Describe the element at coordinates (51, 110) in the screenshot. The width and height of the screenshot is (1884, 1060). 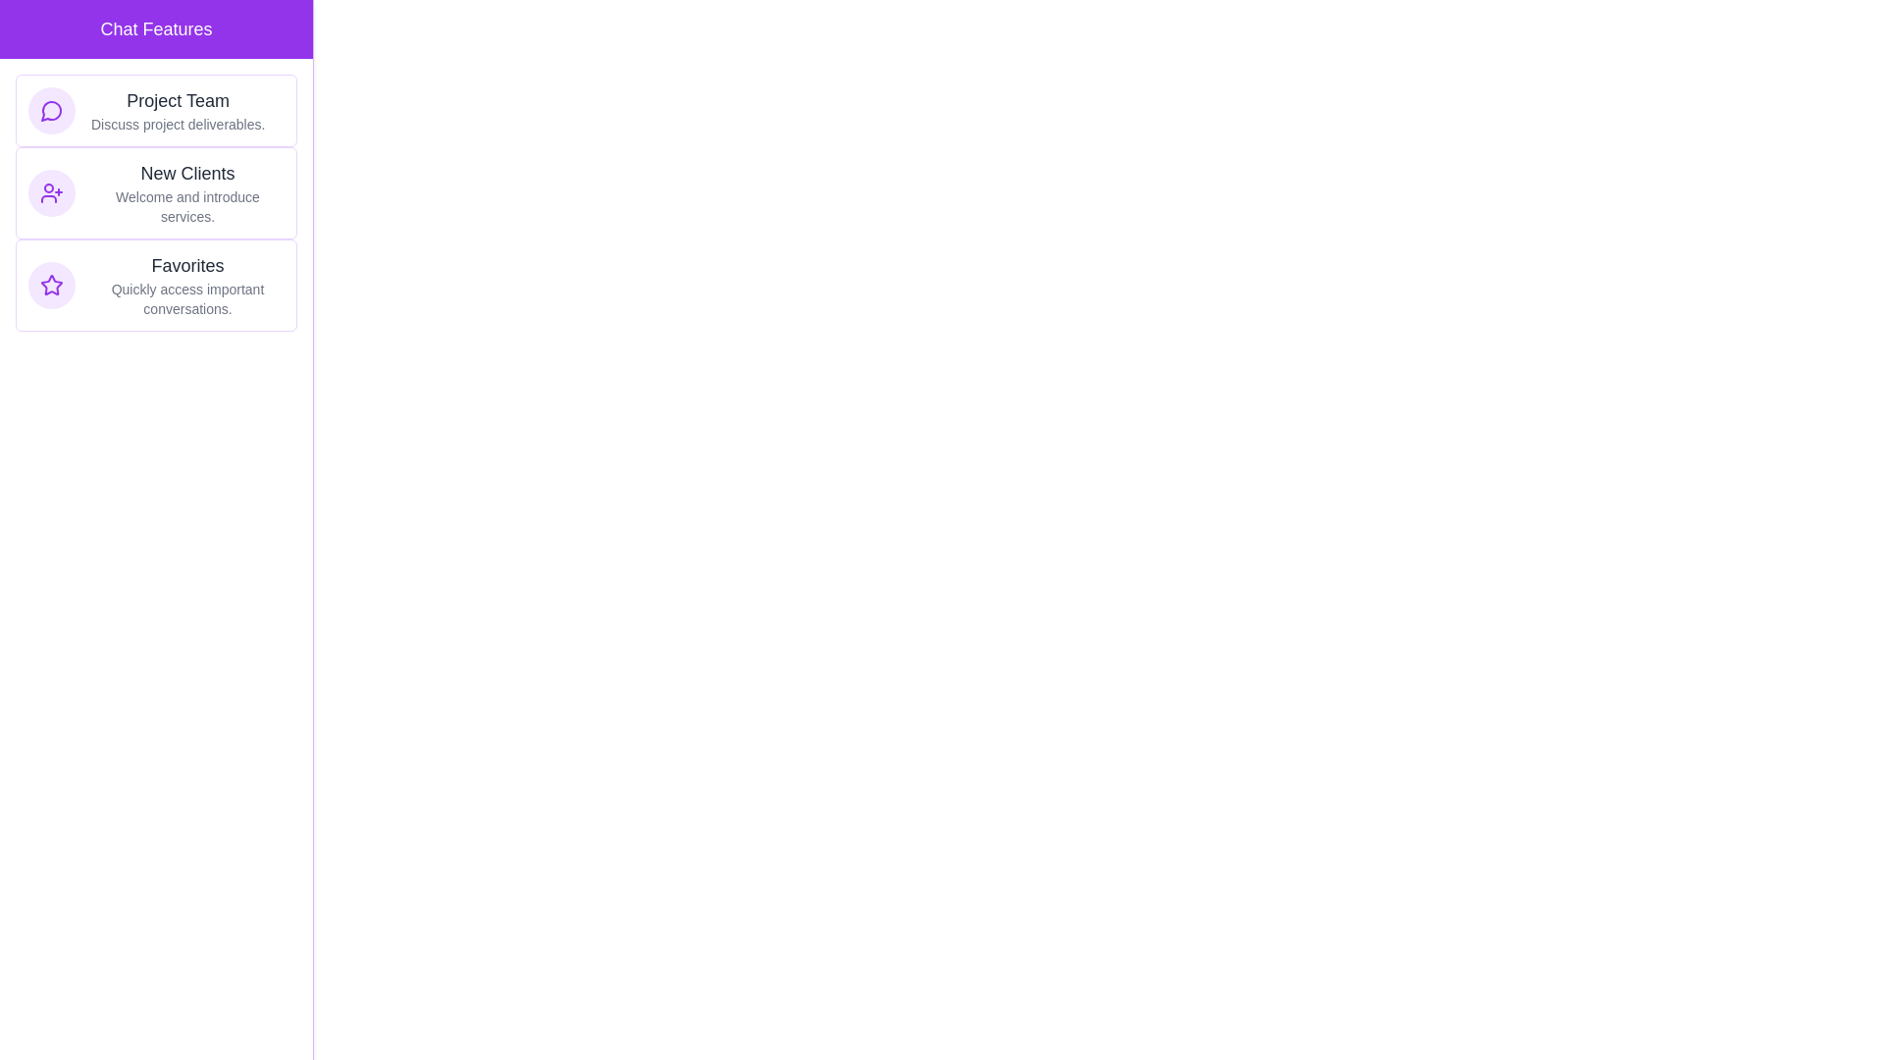
I see `the icon for Project Team` at that location.